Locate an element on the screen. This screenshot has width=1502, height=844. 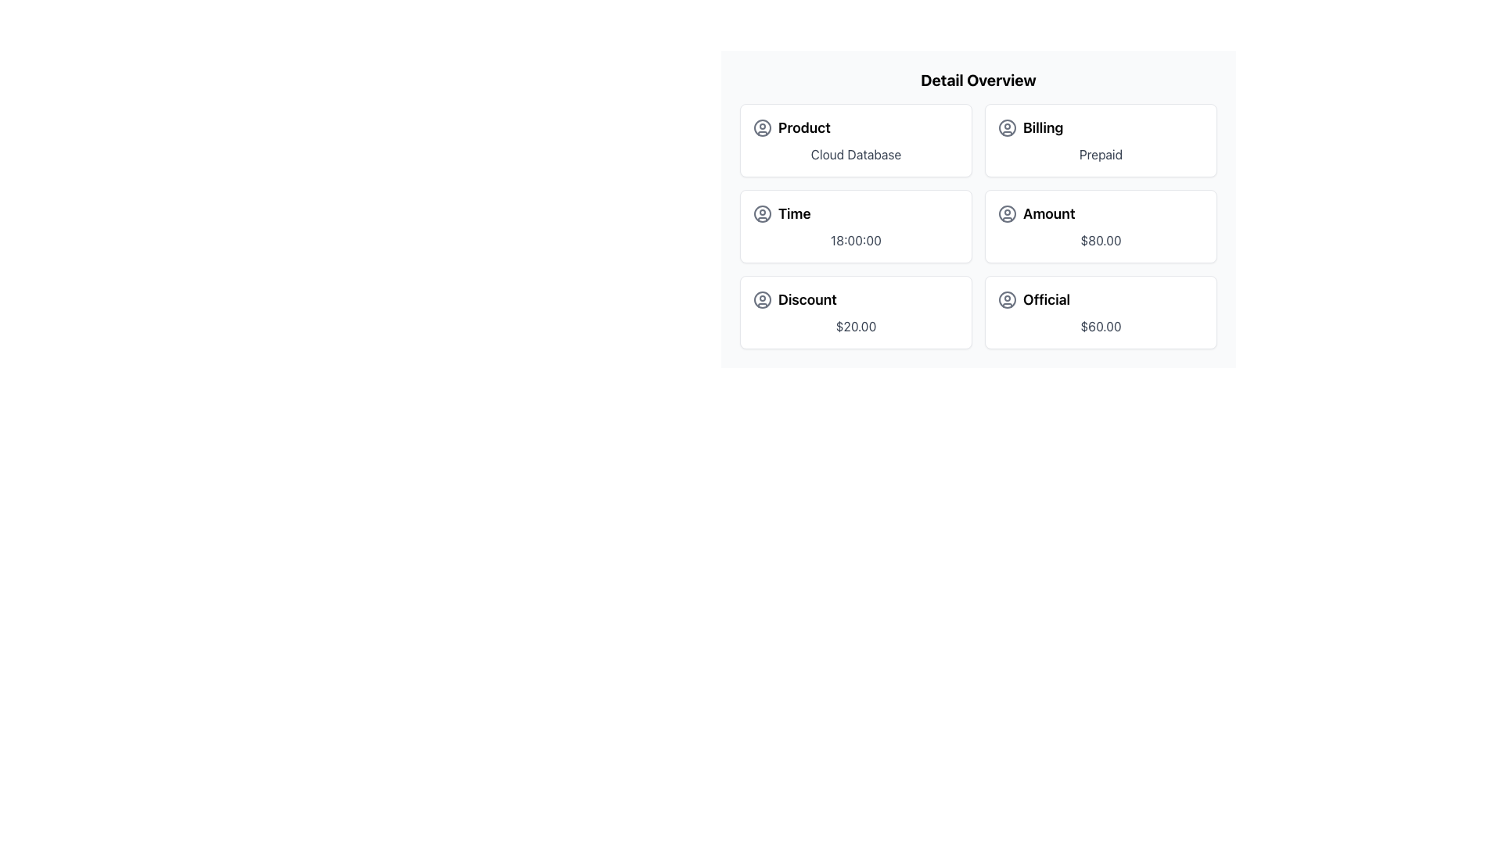
the Text label that identifies a section within the overview table, located to the left of the 'Billing' label and above the 'Cloud Database' description is located at coordinates (804, 127).